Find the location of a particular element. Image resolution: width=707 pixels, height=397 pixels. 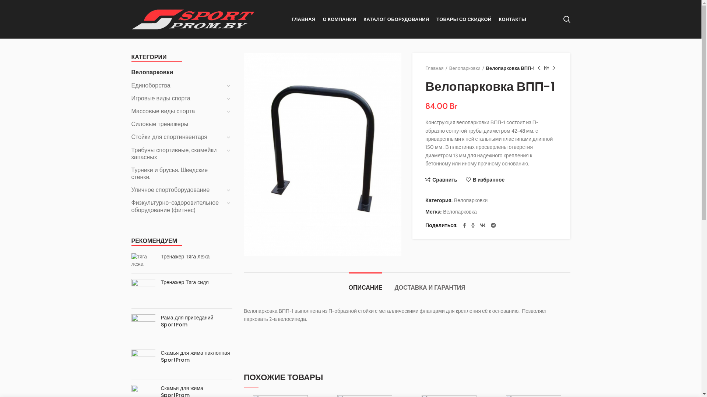

'Odnoklassniki' is located at coordinates (151, 354).